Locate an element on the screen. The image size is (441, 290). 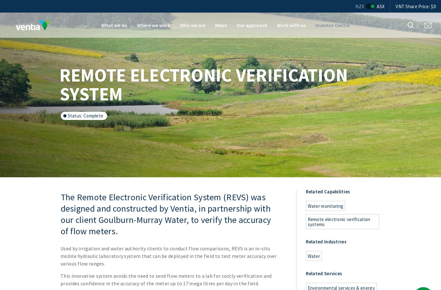
'This innovative system avoids the need to send flow meters to a lab for costly verification and provides confidence in the accuracy of the meter up to 17 mega litres per day in the field.' is located at coordinates (60, 279).